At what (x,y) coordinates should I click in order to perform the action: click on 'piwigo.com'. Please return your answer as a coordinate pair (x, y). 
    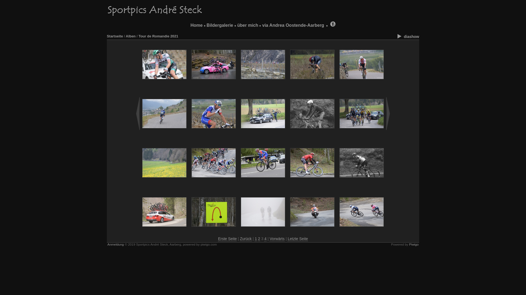
    Looking at the image, I should click on (200, 244).